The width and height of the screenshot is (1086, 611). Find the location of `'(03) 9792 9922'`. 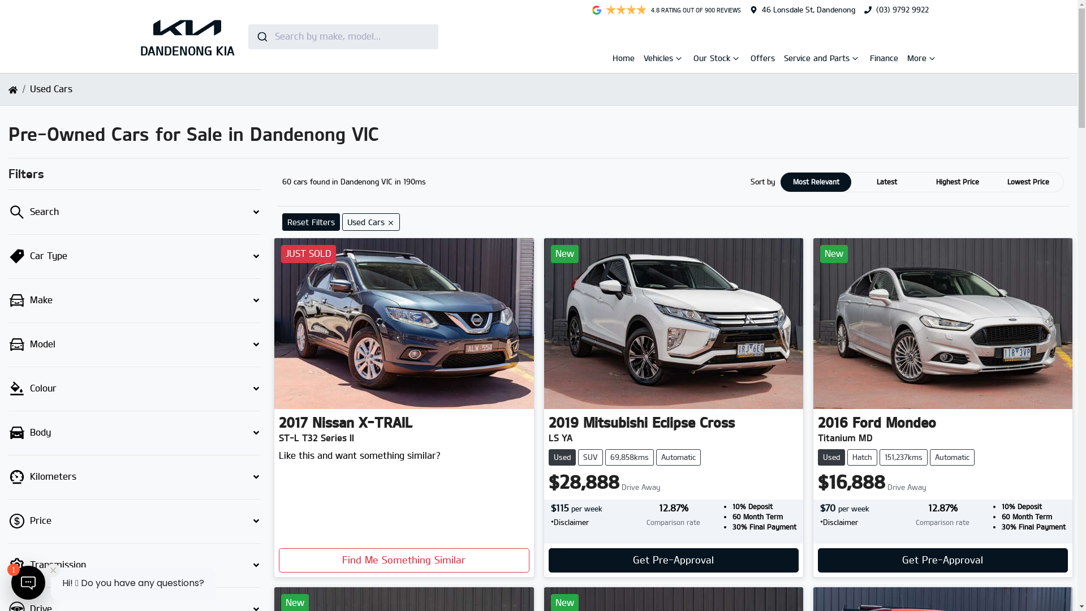

'(03) 9792 9922' is located at coordinates (901, 9).